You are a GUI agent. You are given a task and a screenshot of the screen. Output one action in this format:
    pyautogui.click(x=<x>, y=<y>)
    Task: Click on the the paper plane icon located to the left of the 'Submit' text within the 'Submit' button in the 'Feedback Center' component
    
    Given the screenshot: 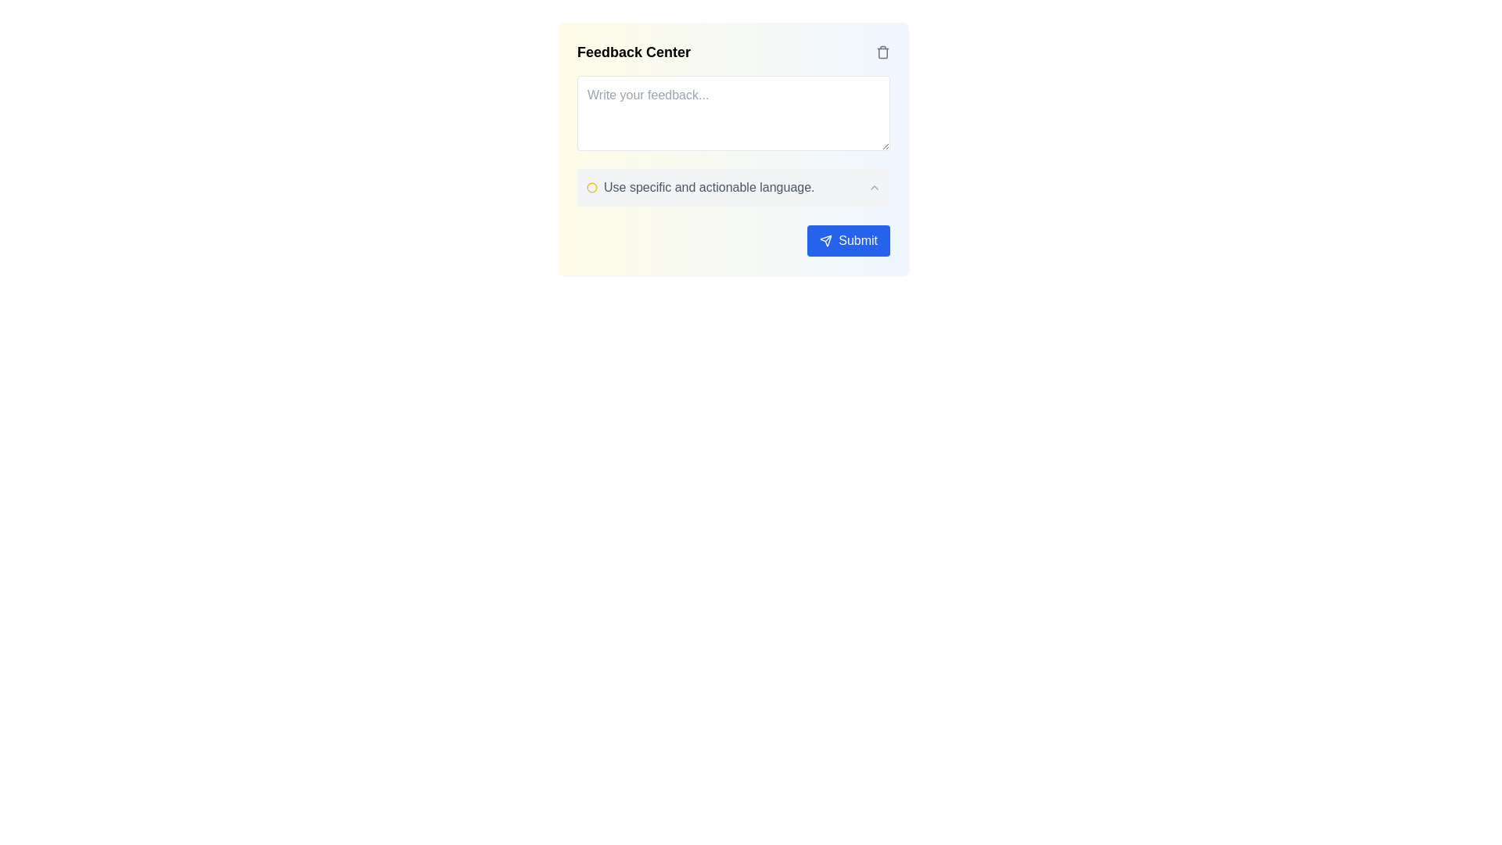 What is the action you would take?
    pyautogui.click(x=825, y=241)
    